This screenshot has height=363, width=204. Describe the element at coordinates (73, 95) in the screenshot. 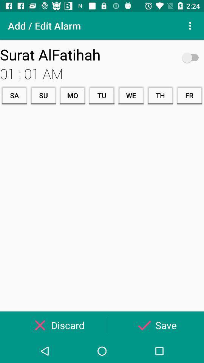

I see `mo item` at that location.